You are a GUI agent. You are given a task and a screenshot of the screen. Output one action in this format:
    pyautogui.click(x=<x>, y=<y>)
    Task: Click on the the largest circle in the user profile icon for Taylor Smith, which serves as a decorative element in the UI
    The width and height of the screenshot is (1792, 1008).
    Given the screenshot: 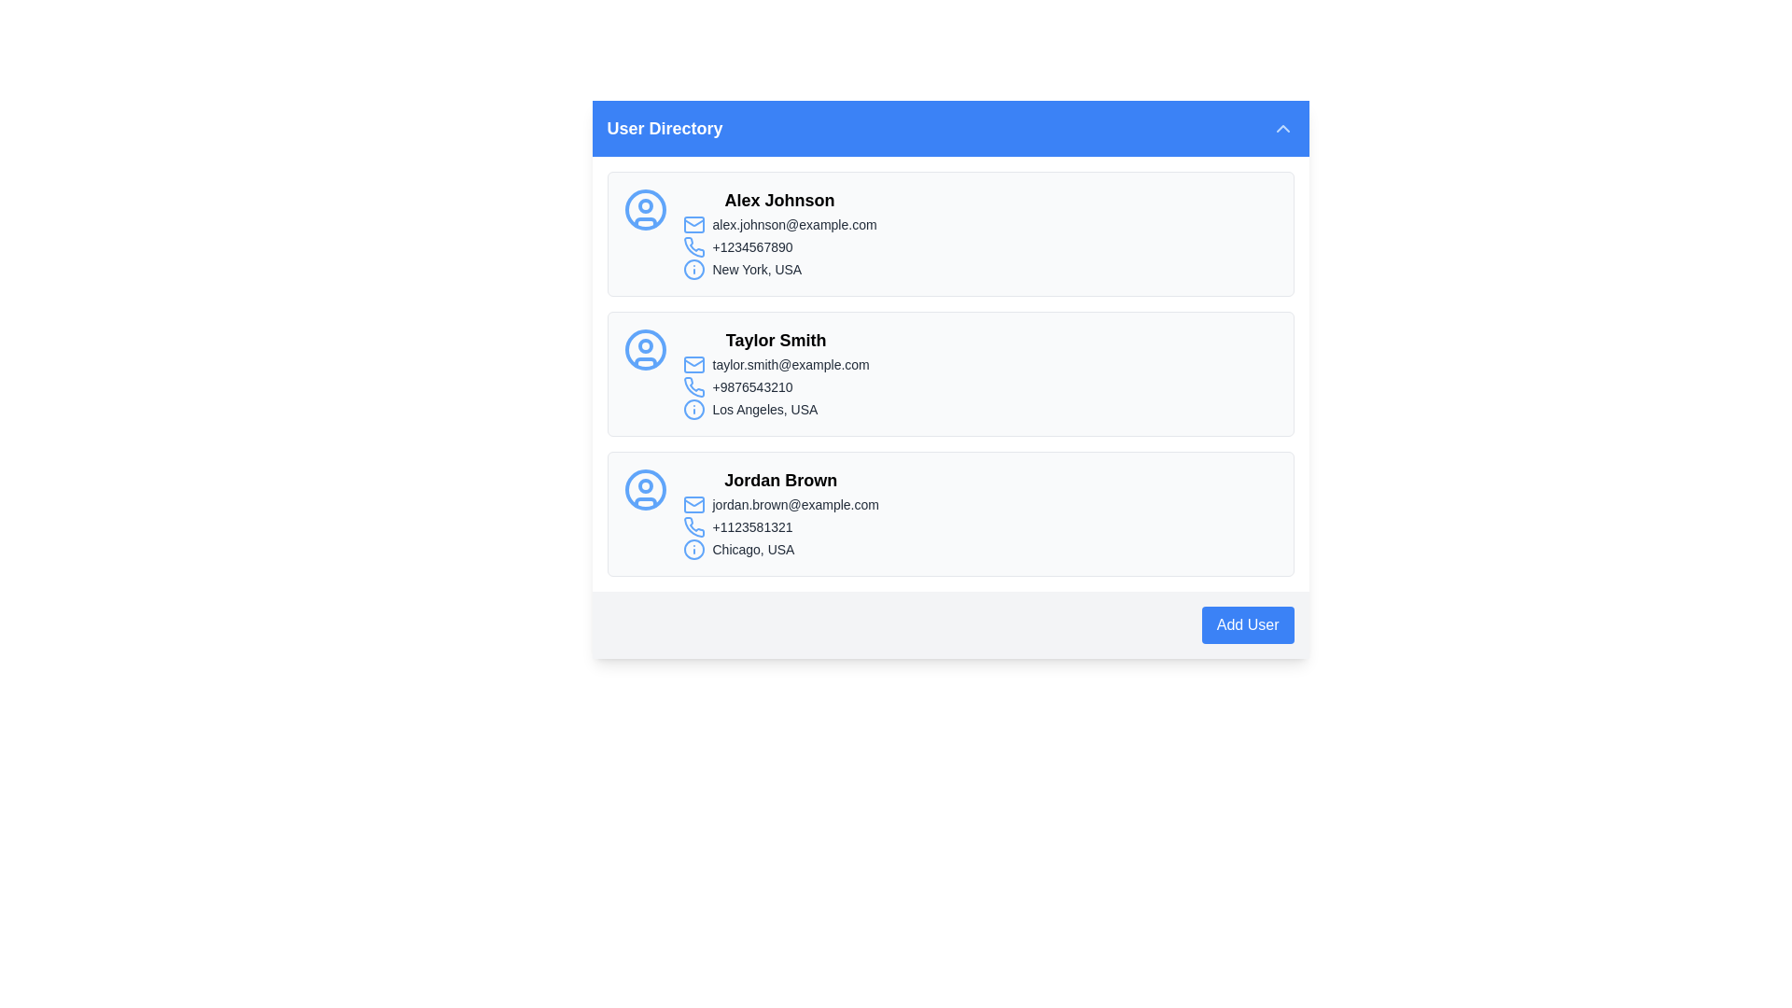 What is the action you would take?
    pyautogui.click(x=645, y=349)
    